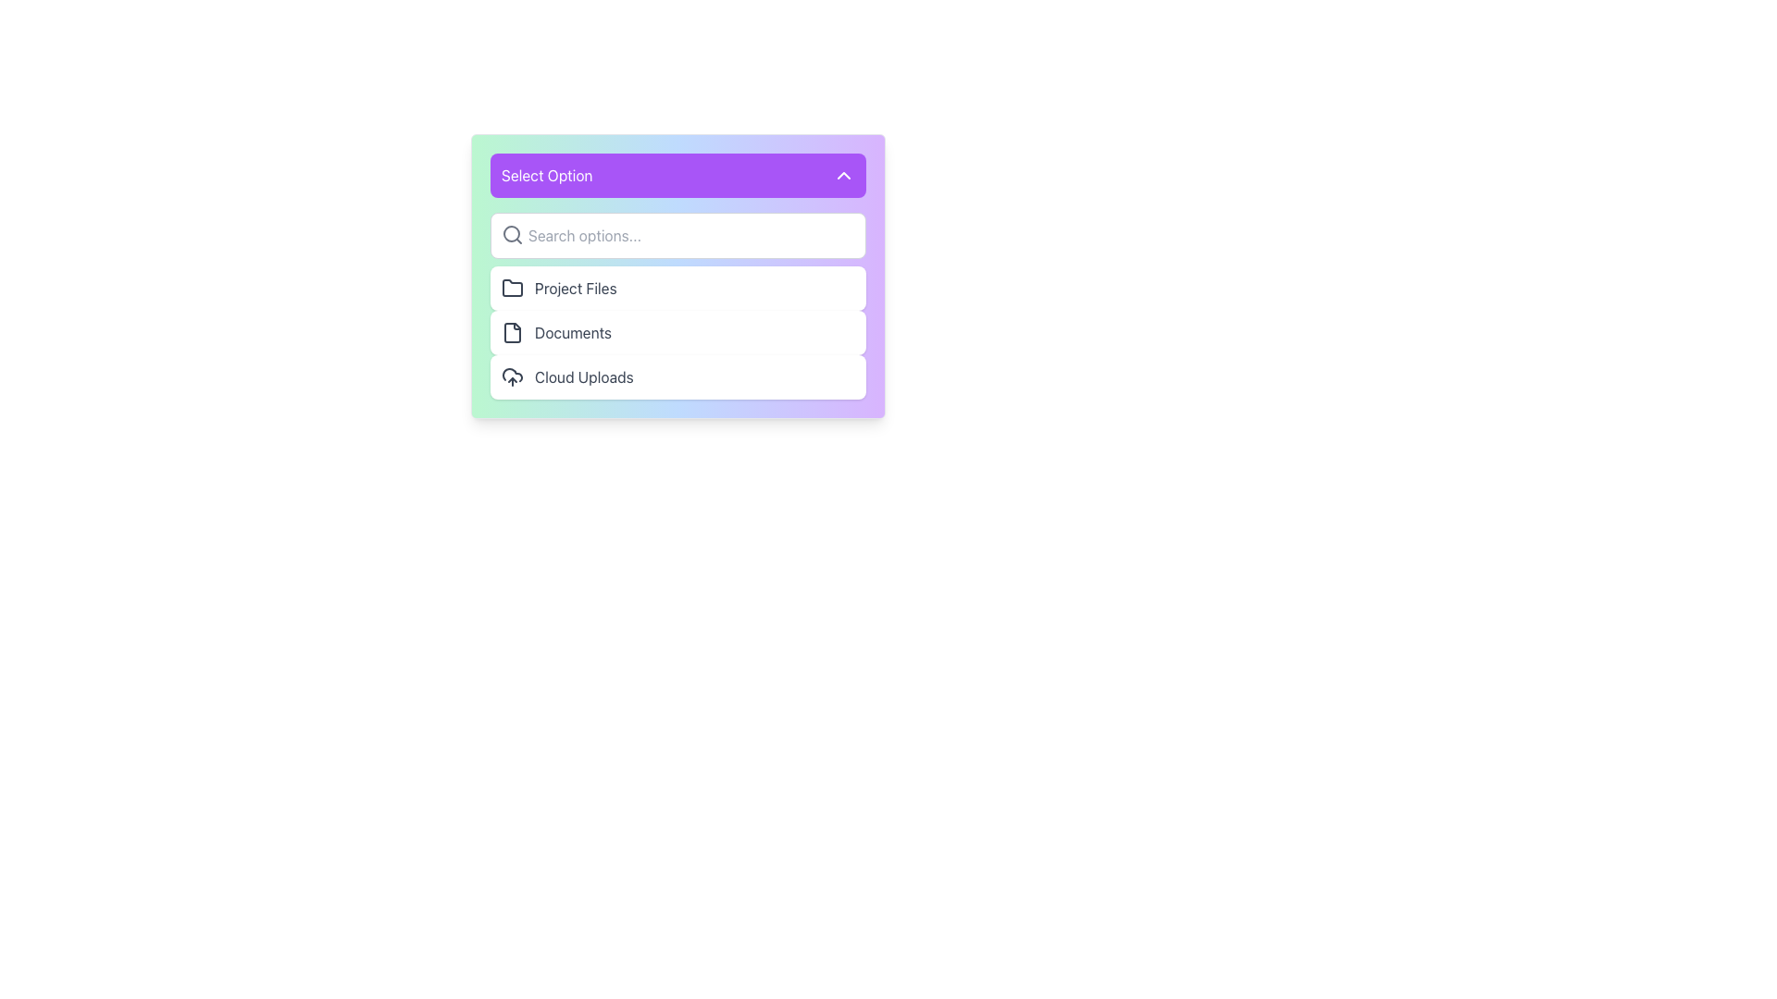 This screenshot has height=999, width=1777. Describe the element at coordinates (575, 289) in the screenshot. I see `the 'Project Files' text label next to the folder icon in the dropdown menu` at that location.